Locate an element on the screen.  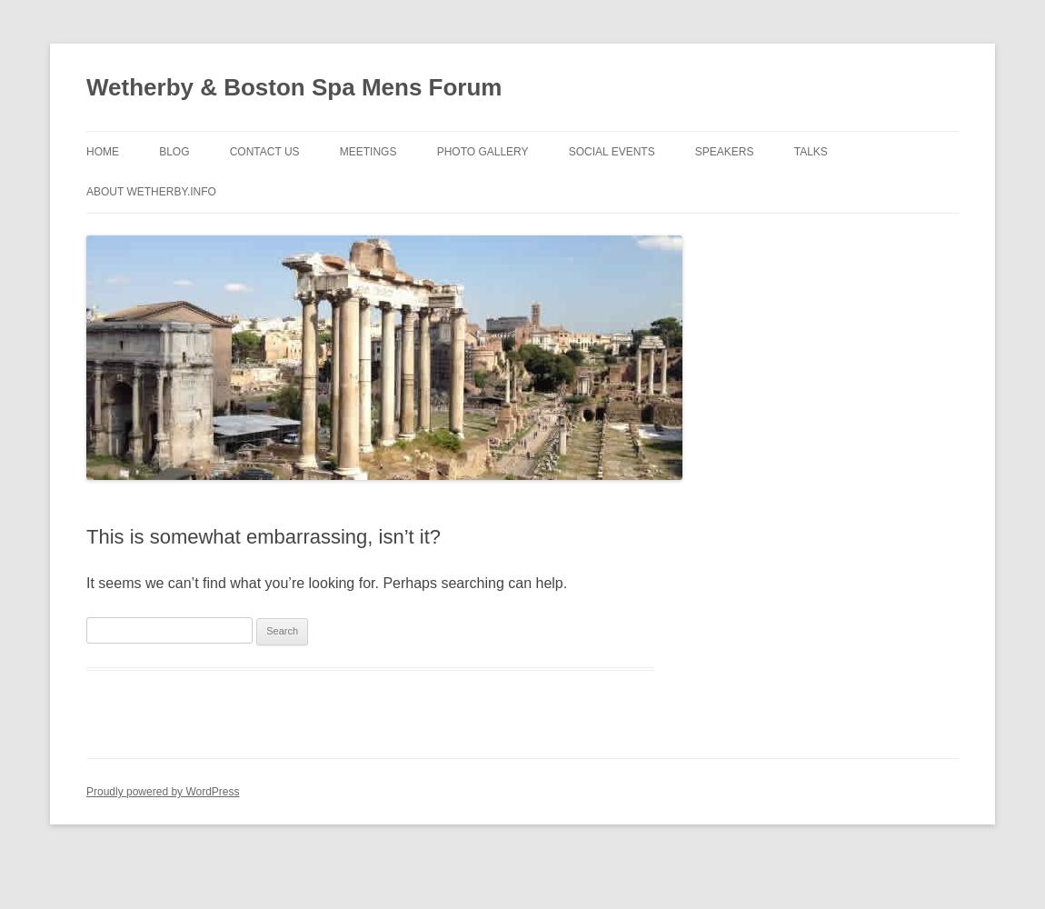
'Blog' is located at coordinates (173, 152).